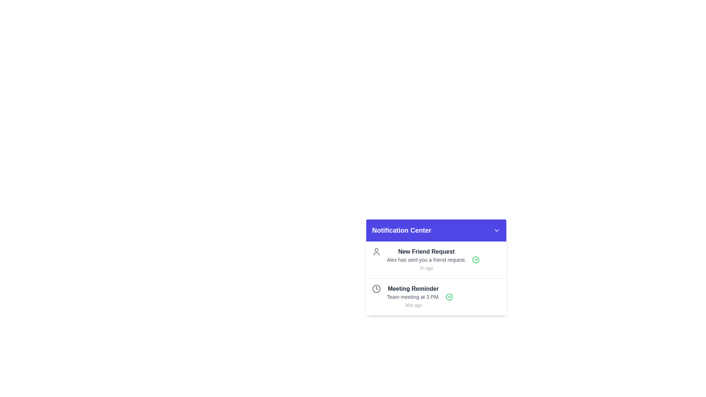 This screenshot has height=397, width=706. What do you see at coordinates (475, 259) in the screenshot?
I see `the green circular check mark icon located to the right of the 'New Friend Request' notification in the notification center pop-up` at bounding box center [475, 259].